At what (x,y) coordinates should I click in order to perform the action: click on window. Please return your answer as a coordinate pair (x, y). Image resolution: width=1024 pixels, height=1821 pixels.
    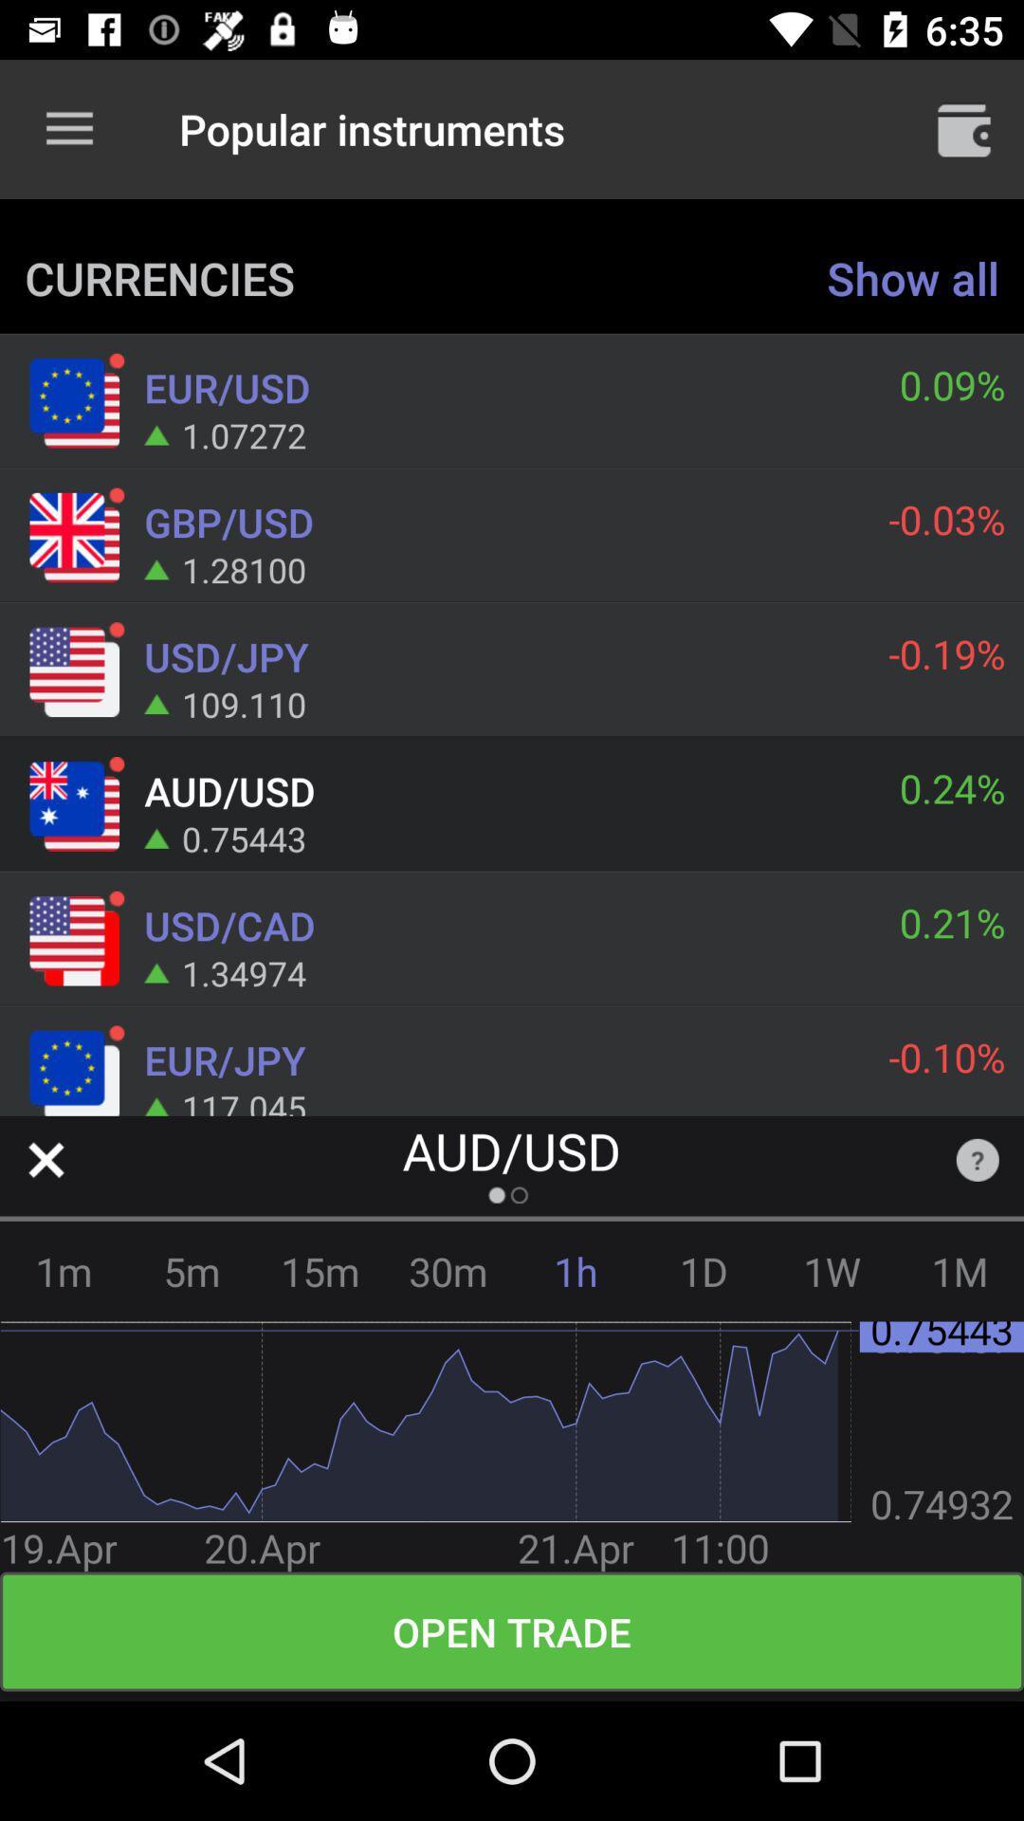
    Looking at the image, I should click on (45, 1159).